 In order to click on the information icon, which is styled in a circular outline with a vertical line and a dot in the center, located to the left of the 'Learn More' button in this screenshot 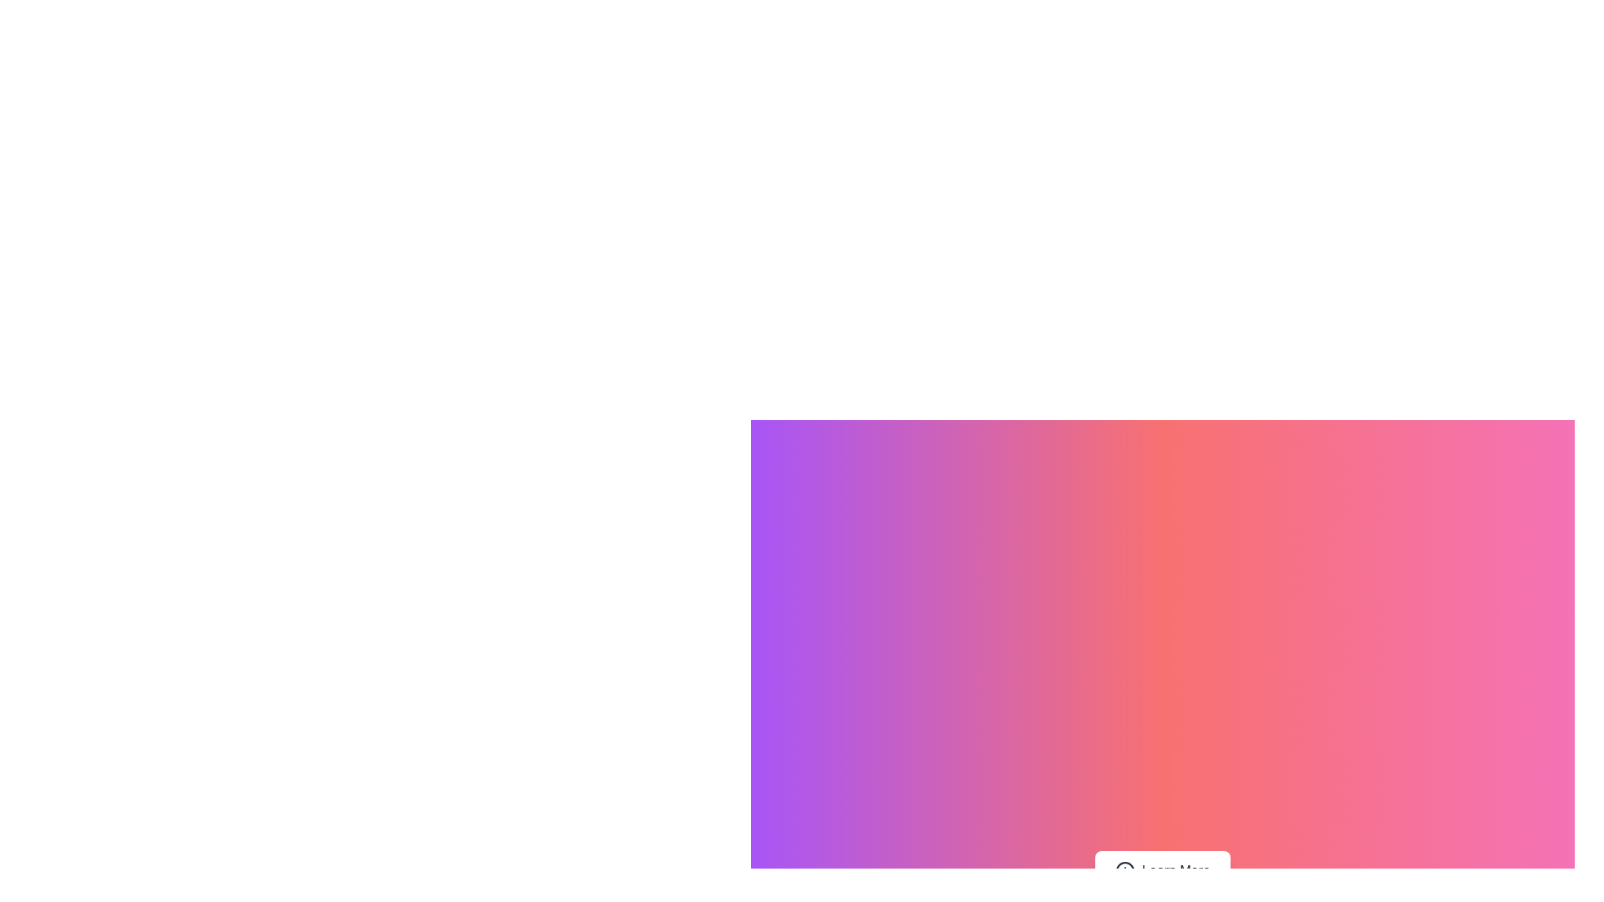, I will do `click(1125, 869)`.